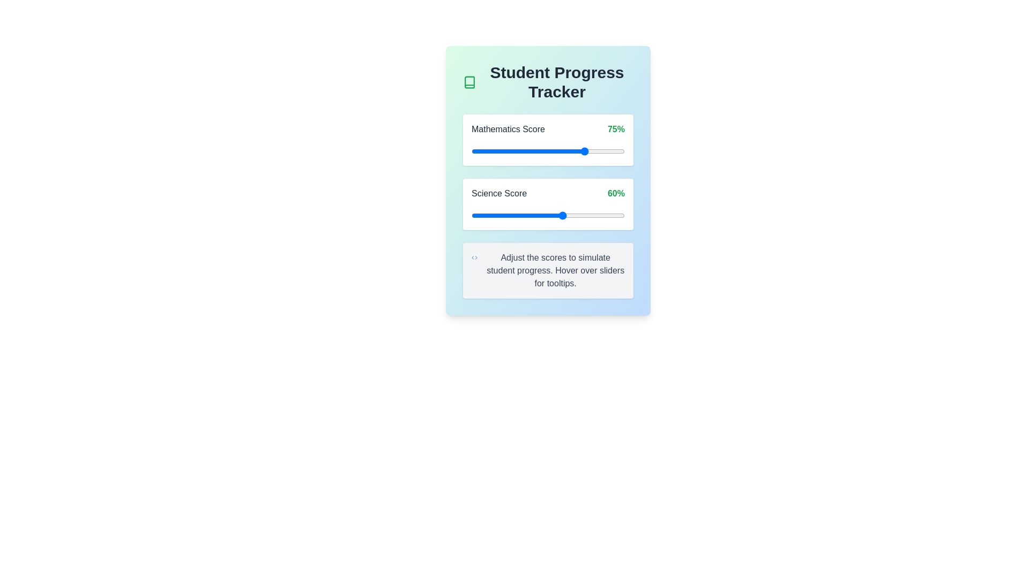  I want to click on the Mathematics slider to view its tooltip, so click(548, 151).